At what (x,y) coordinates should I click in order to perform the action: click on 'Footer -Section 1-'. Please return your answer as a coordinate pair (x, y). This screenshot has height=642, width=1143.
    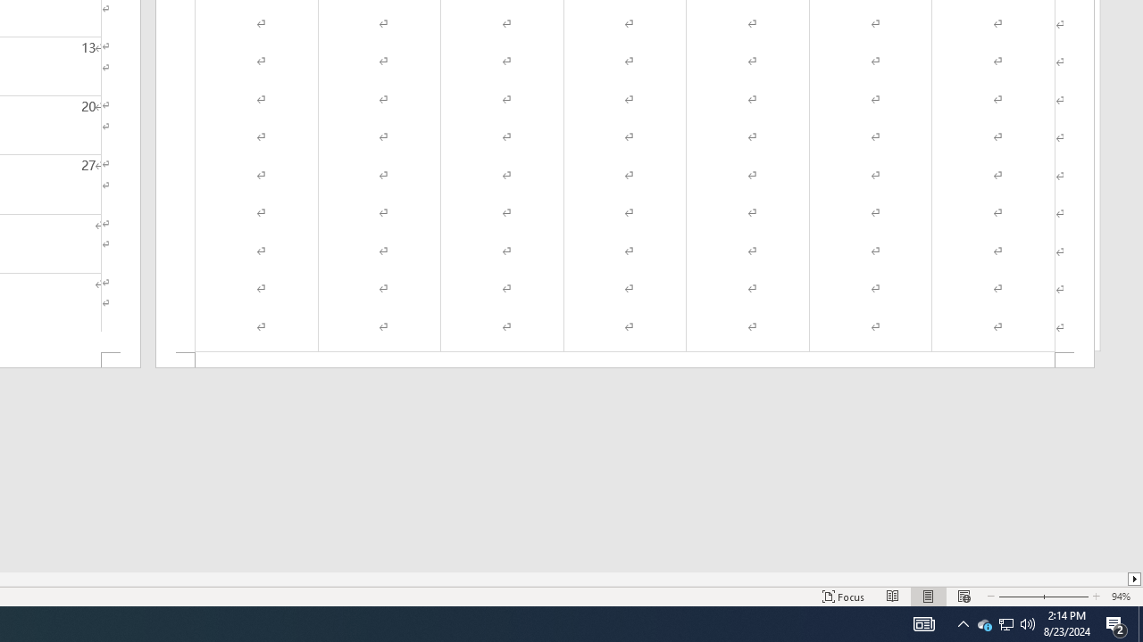
    Looking at the image, I should click on (625, 360).